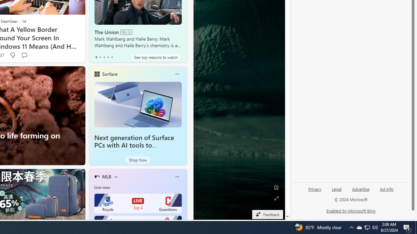 The image size is (417, 234). What do you see at coordinates (104, 57) in the screenshot?
I see `'tab-2'` at bounding box center [104, 57].